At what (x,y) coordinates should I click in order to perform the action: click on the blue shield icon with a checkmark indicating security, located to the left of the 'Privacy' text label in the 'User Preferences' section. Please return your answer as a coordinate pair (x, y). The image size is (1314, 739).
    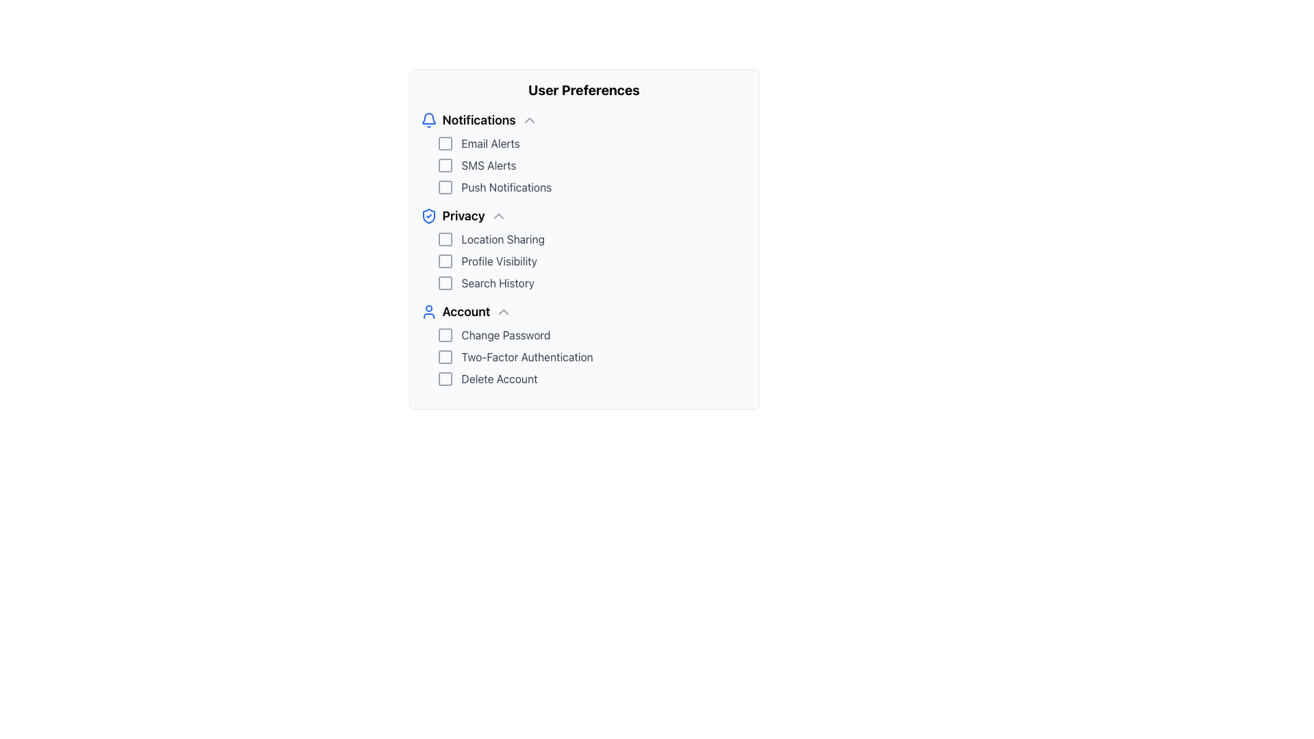
    Looking at the image, I should click on (428, 216).